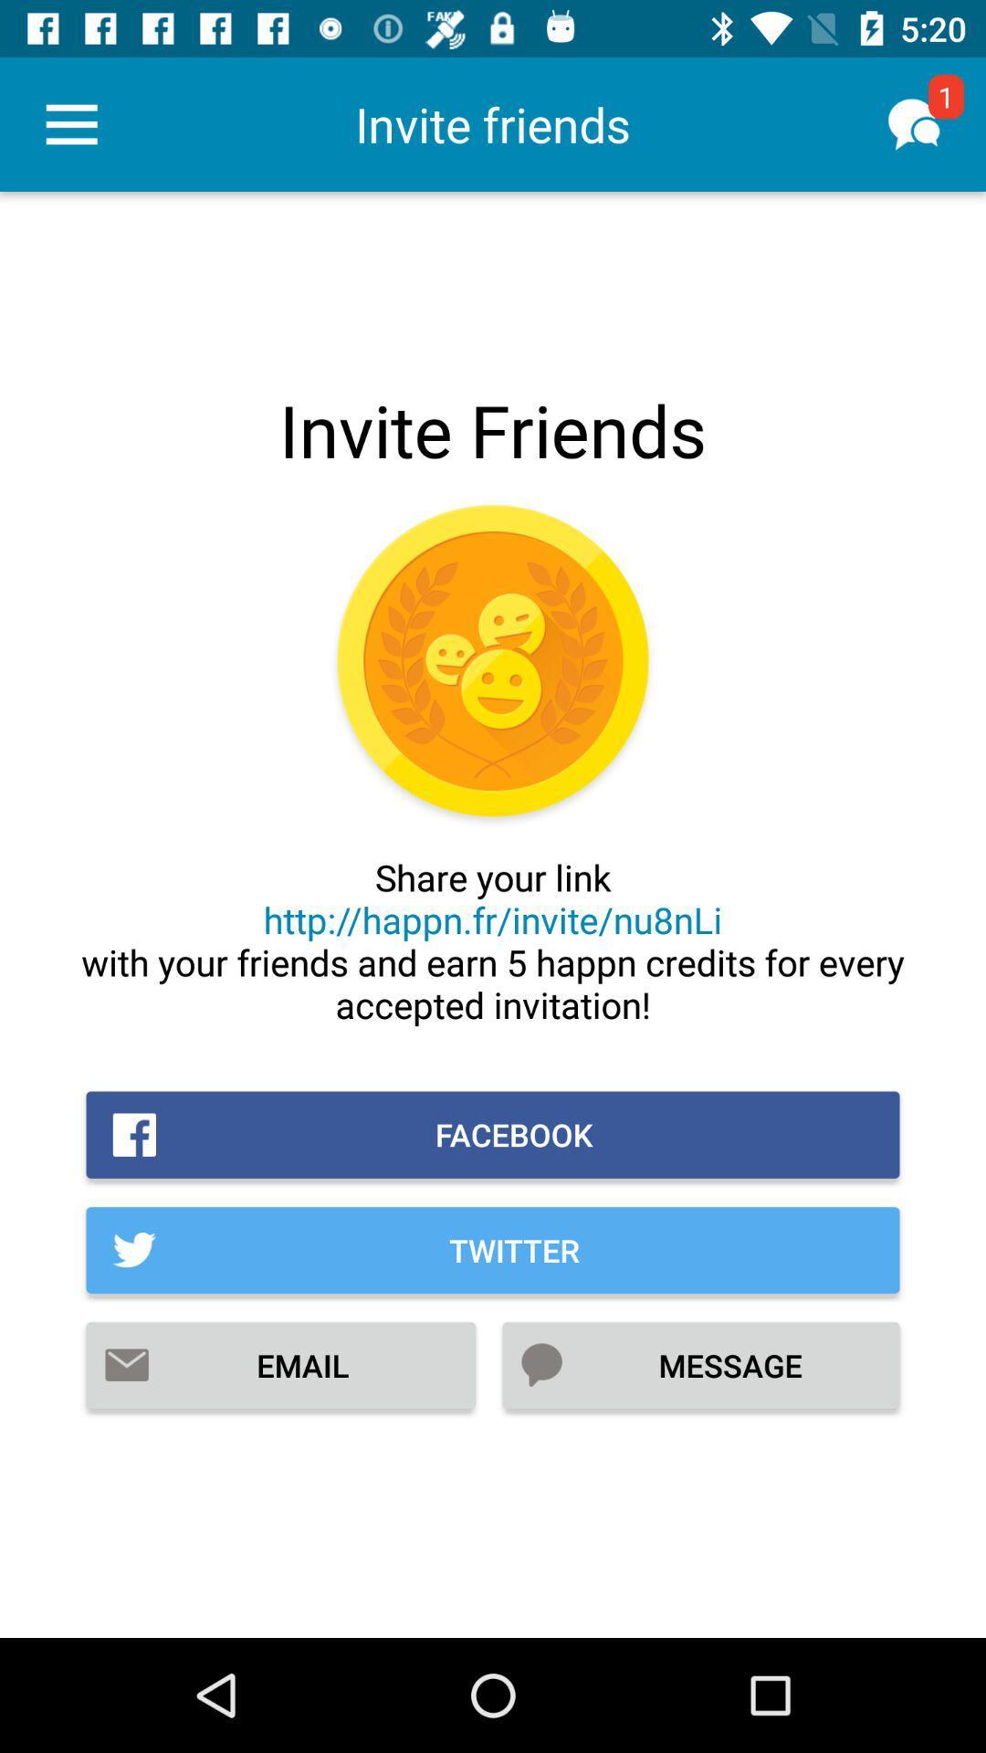  Describe the element at coordinates (493, 1249) in the screenshot. I see `twitter` at that location.